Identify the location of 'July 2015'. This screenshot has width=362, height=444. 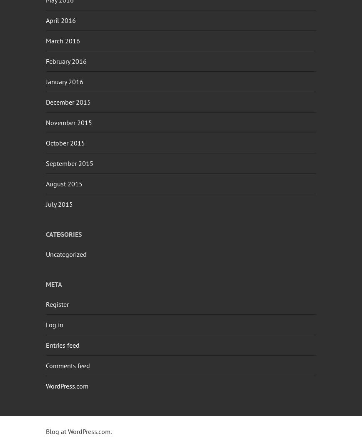
(59, 203).